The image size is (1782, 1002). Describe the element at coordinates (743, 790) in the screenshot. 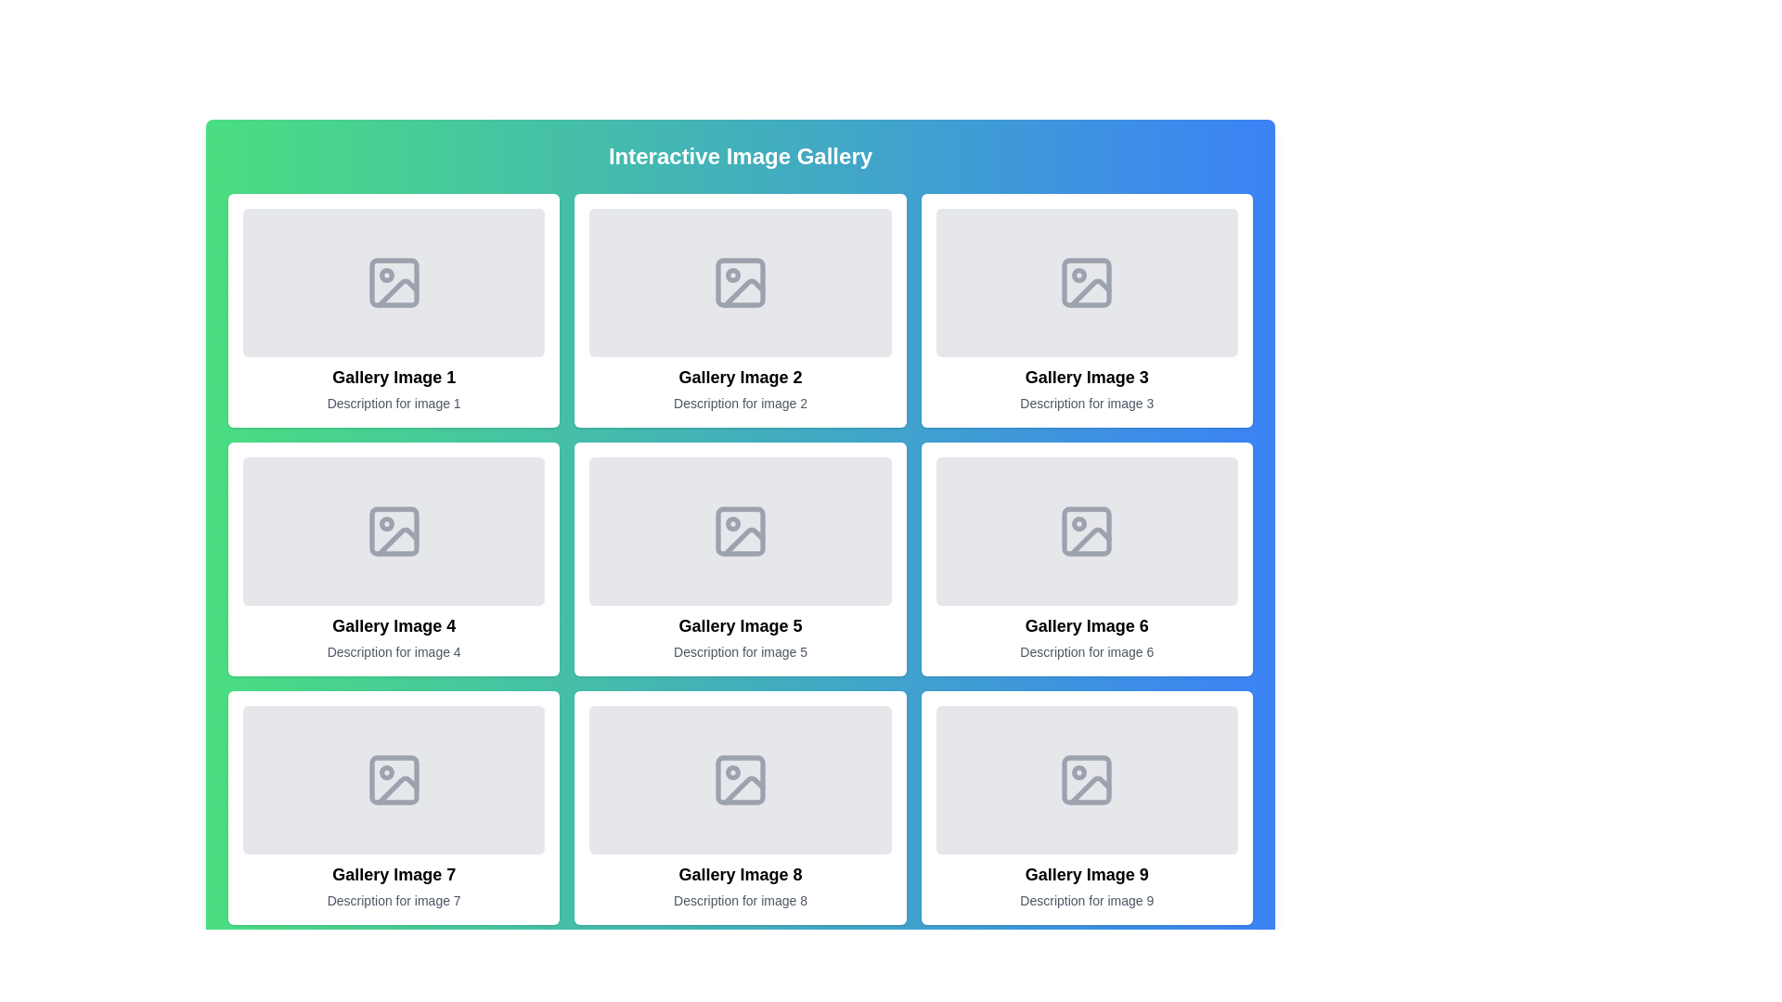

I see `the decorative icon component that resembles a diagonal line segment, part of the gallery placeholder icon in the lower-middle position of the grid layout` at that location.